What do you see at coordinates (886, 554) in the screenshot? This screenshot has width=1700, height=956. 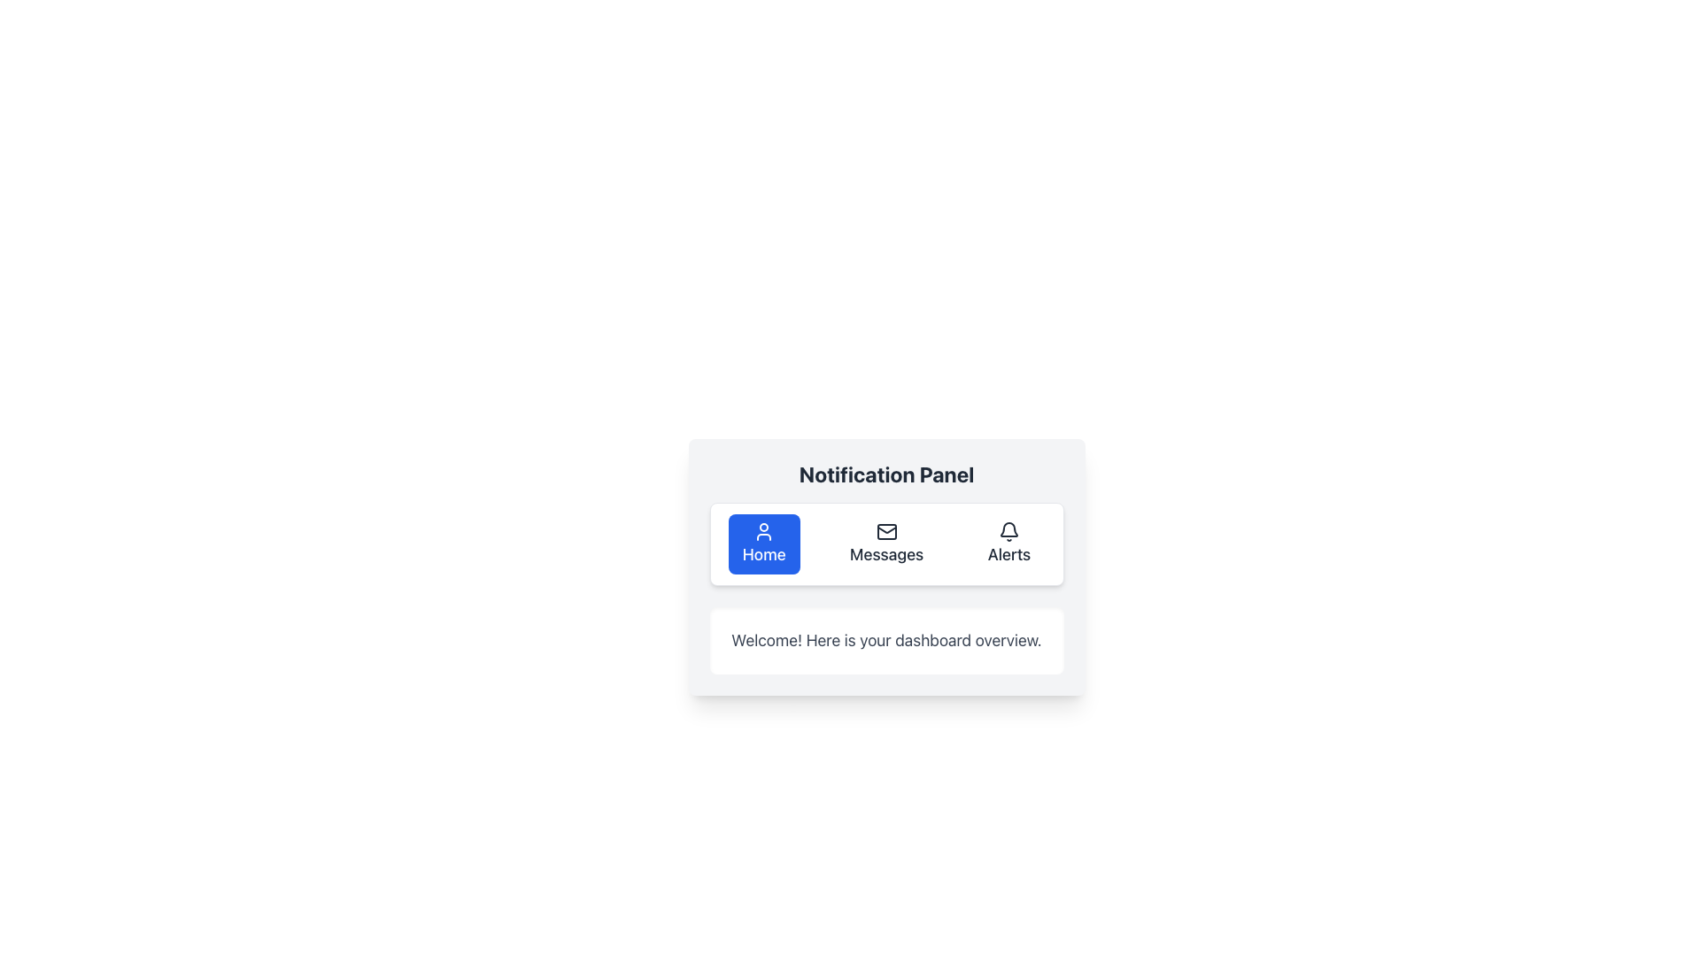 I see `'Messages' label, which is displayed in a clear, medium-sized black font under the mail icon in the toolbar section` at bounding box center [886, 554].